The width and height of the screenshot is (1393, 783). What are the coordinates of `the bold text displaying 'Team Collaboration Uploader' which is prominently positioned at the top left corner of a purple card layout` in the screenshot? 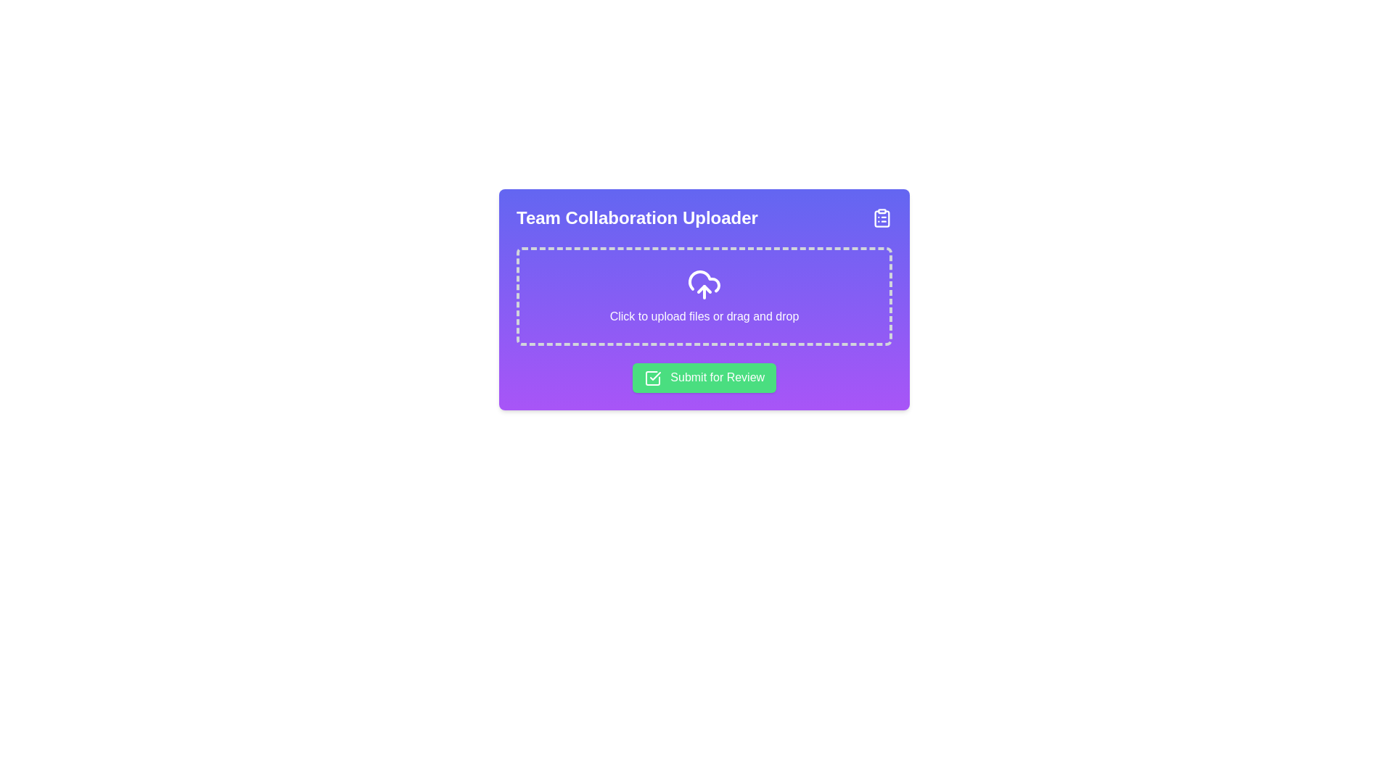 It's located at (637, 217).